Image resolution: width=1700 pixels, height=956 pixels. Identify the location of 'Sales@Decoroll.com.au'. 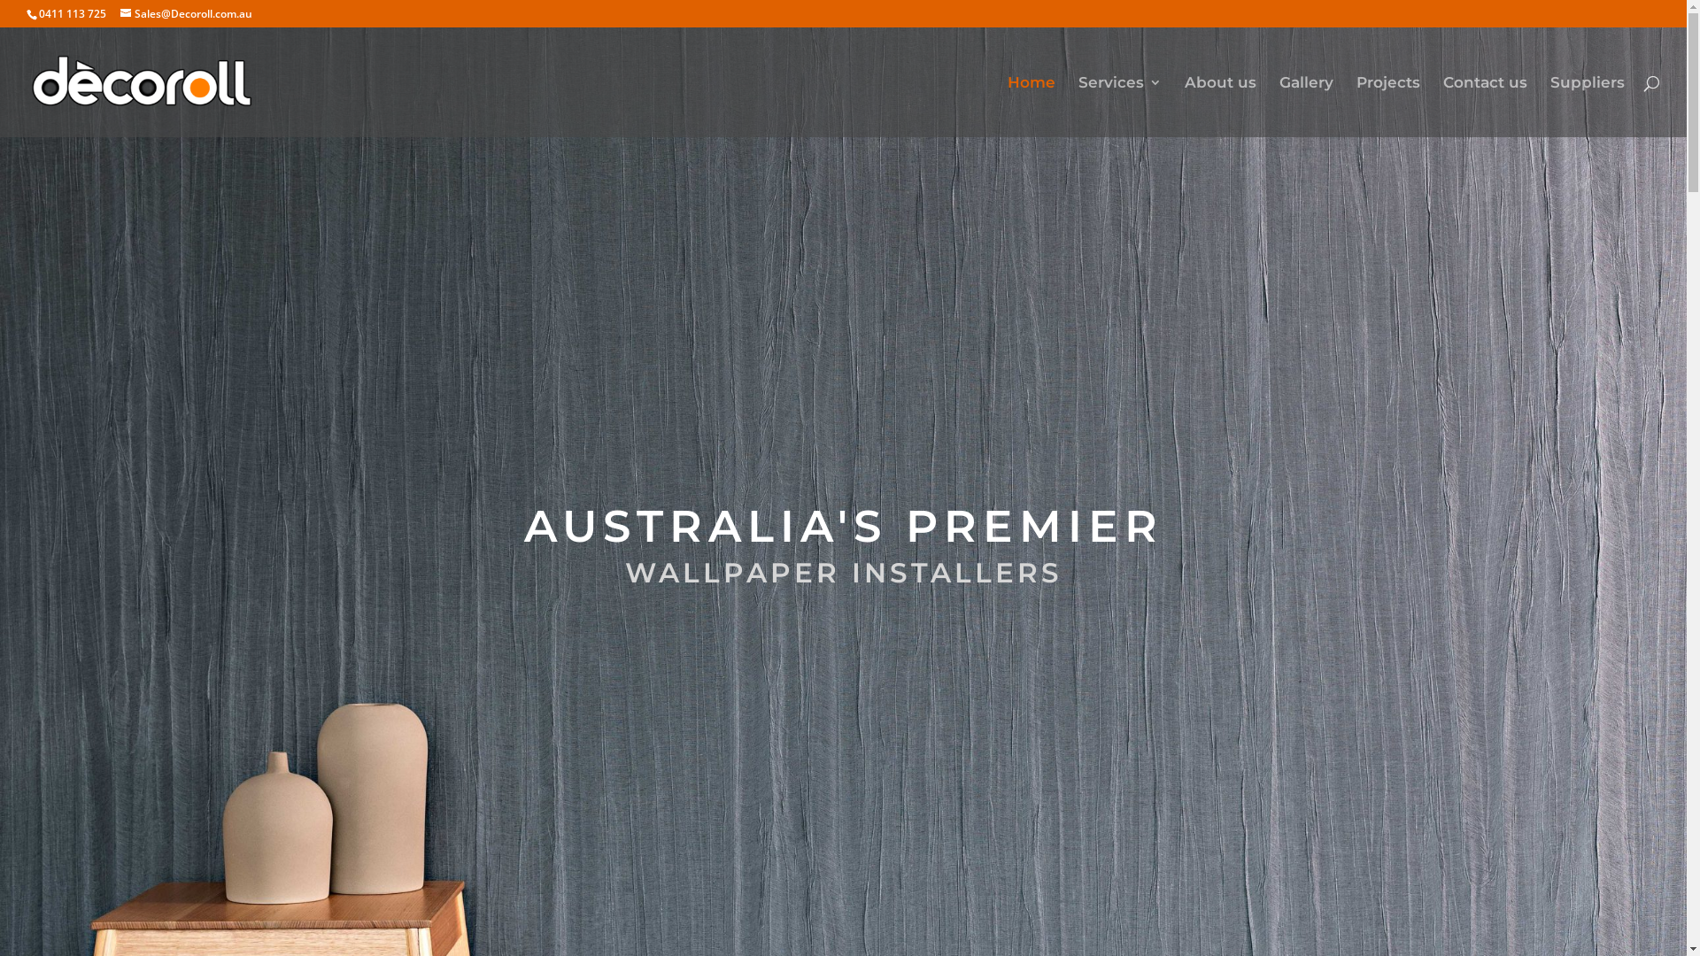
(186, 13).